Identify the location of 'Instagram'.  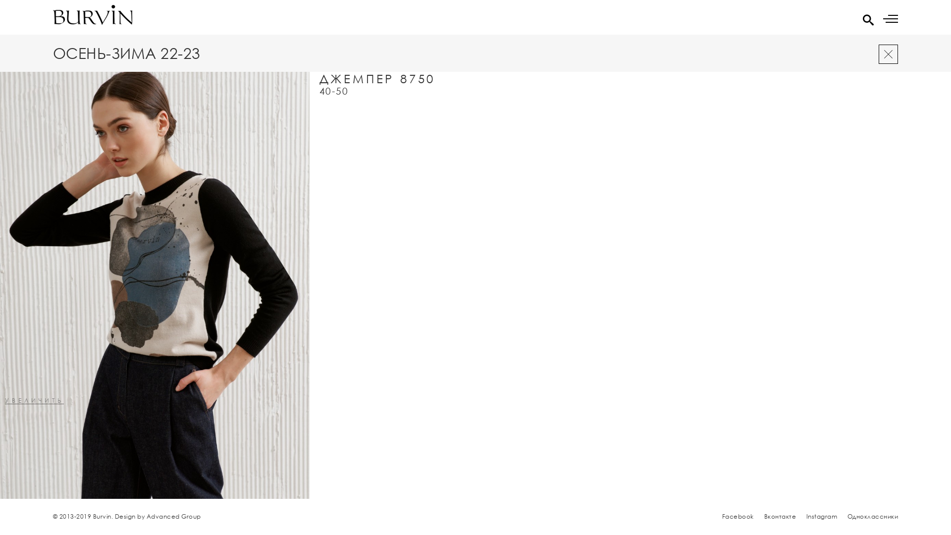
(806, 516).